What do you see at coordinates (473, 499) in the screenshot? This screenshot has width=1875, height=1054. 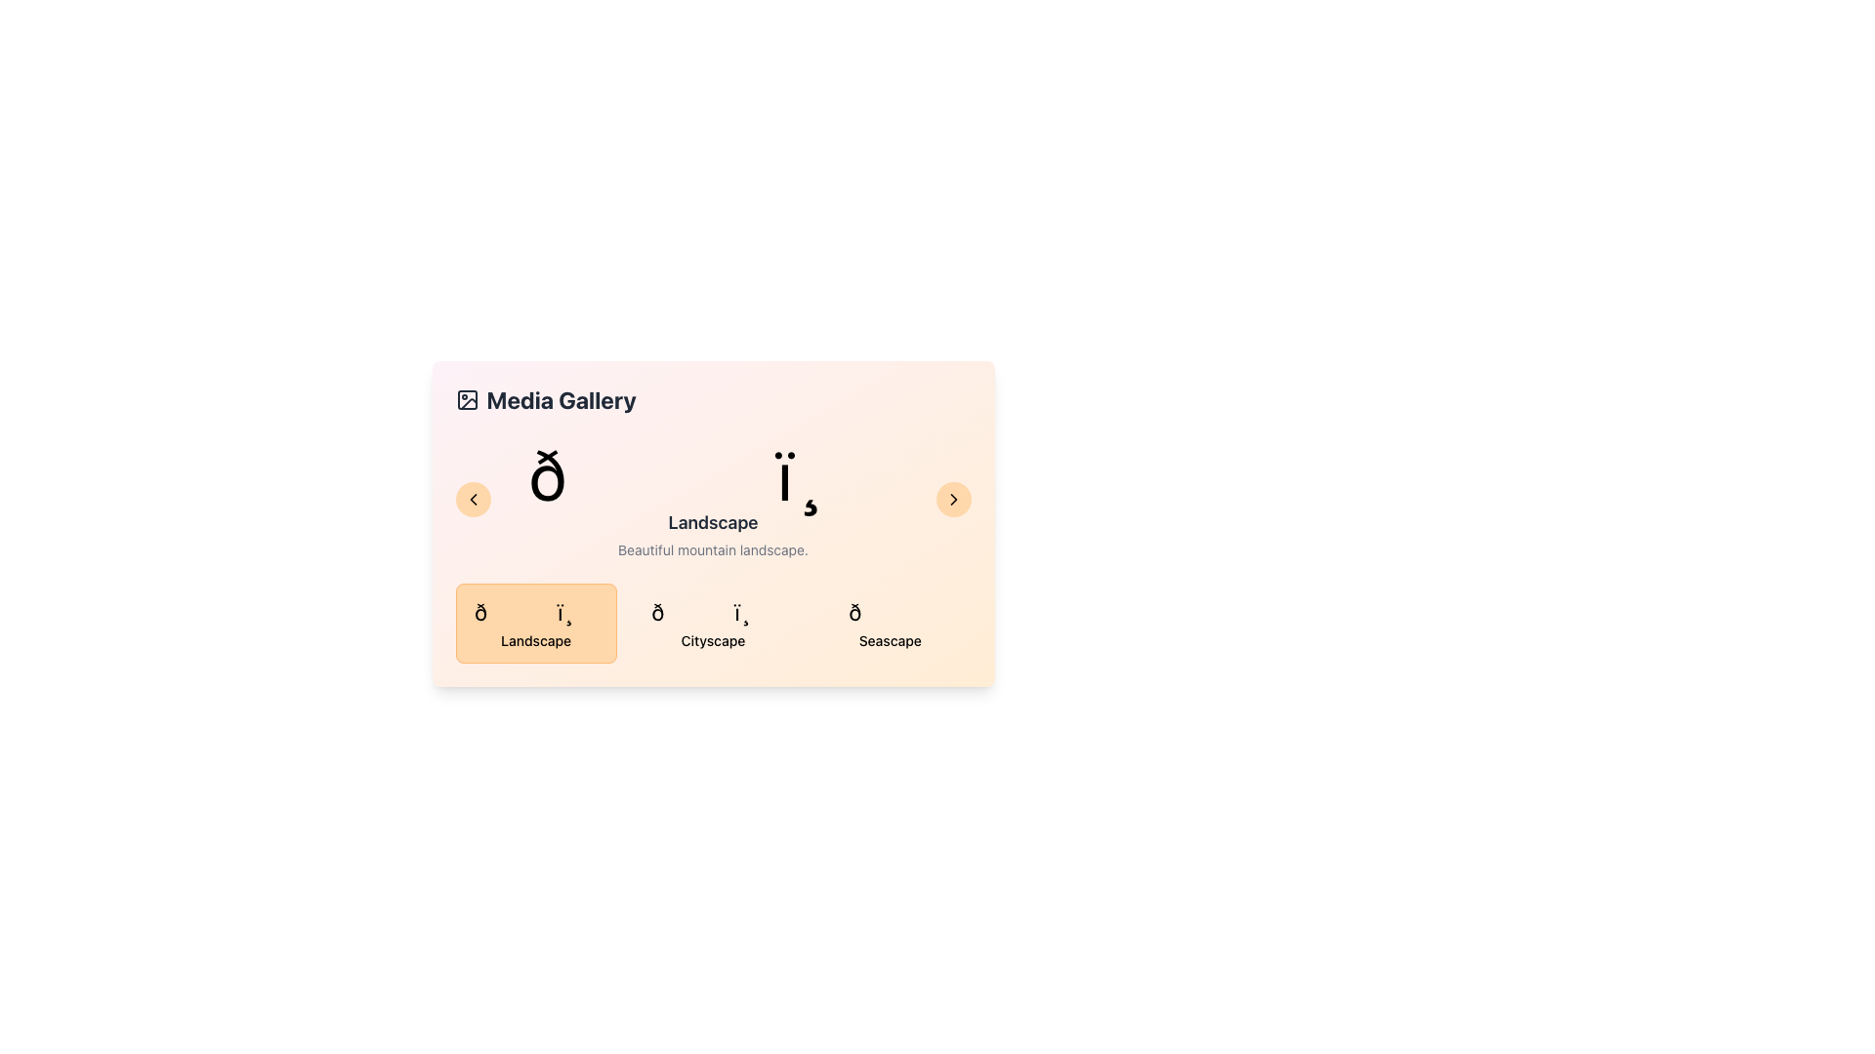 I see `the left-pointing chevron icon, which is part of the navigation section in the UI` at bounding box center [473, 499].